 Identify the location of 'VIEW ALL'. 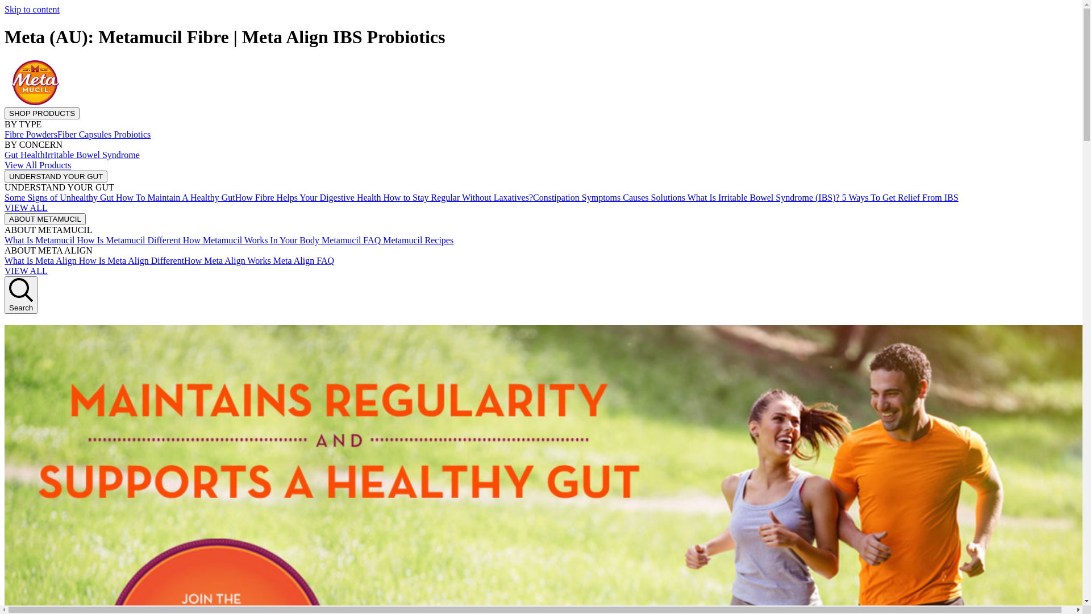
(26, 271).